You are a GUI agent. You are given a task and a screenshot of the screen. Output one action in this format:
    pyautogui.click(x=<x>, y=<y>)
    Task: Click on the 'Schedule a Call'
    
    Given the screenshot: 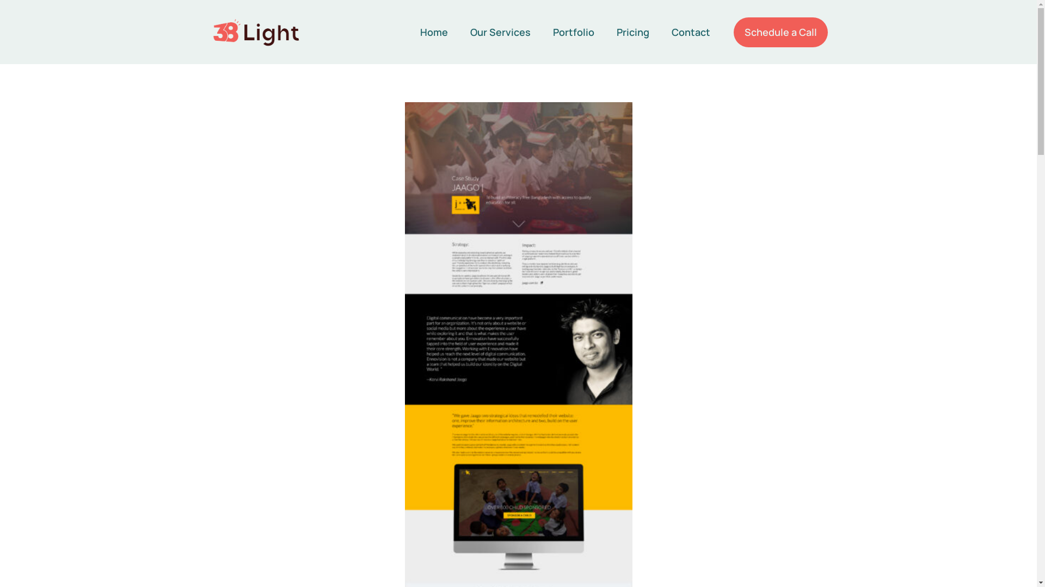 What is the action you would take?
    pyautogui.click(x=780, y=32)
    